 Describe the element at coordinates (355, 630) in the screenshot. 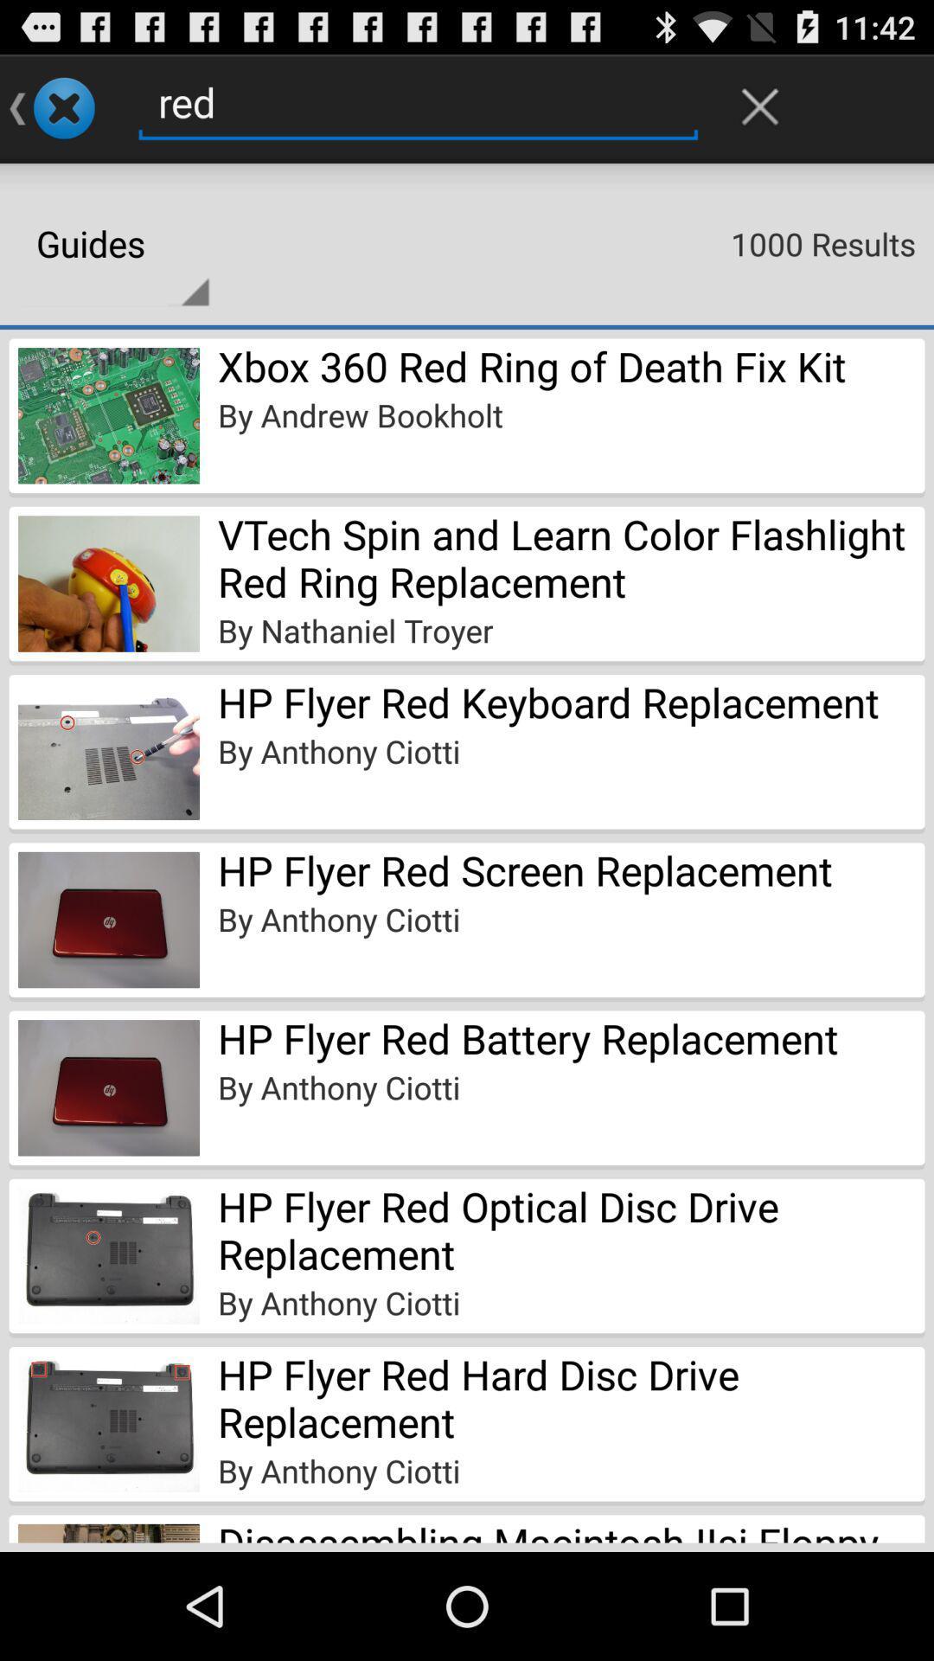

I see `the app below the vtech spin and app` at that location.